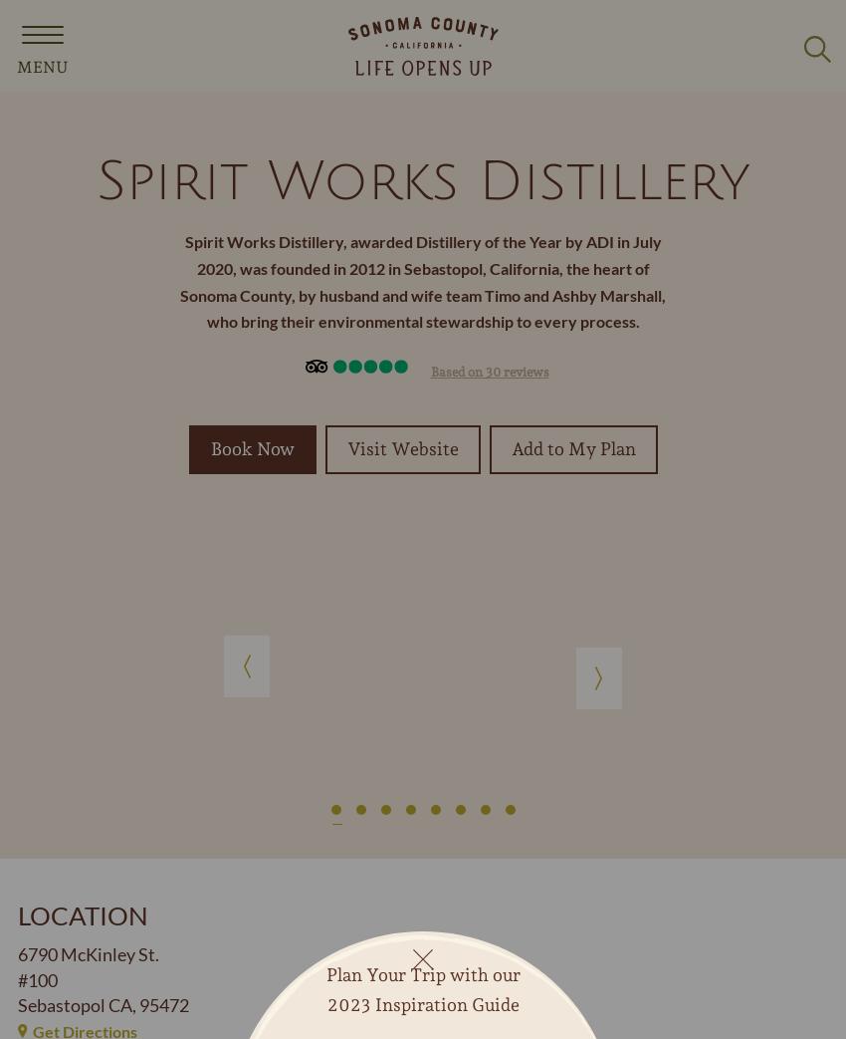 This screenshot has height=1039, width=846. Describe the element at coordinates (411, 812) in the screenshot. I see `'4'` at that location.